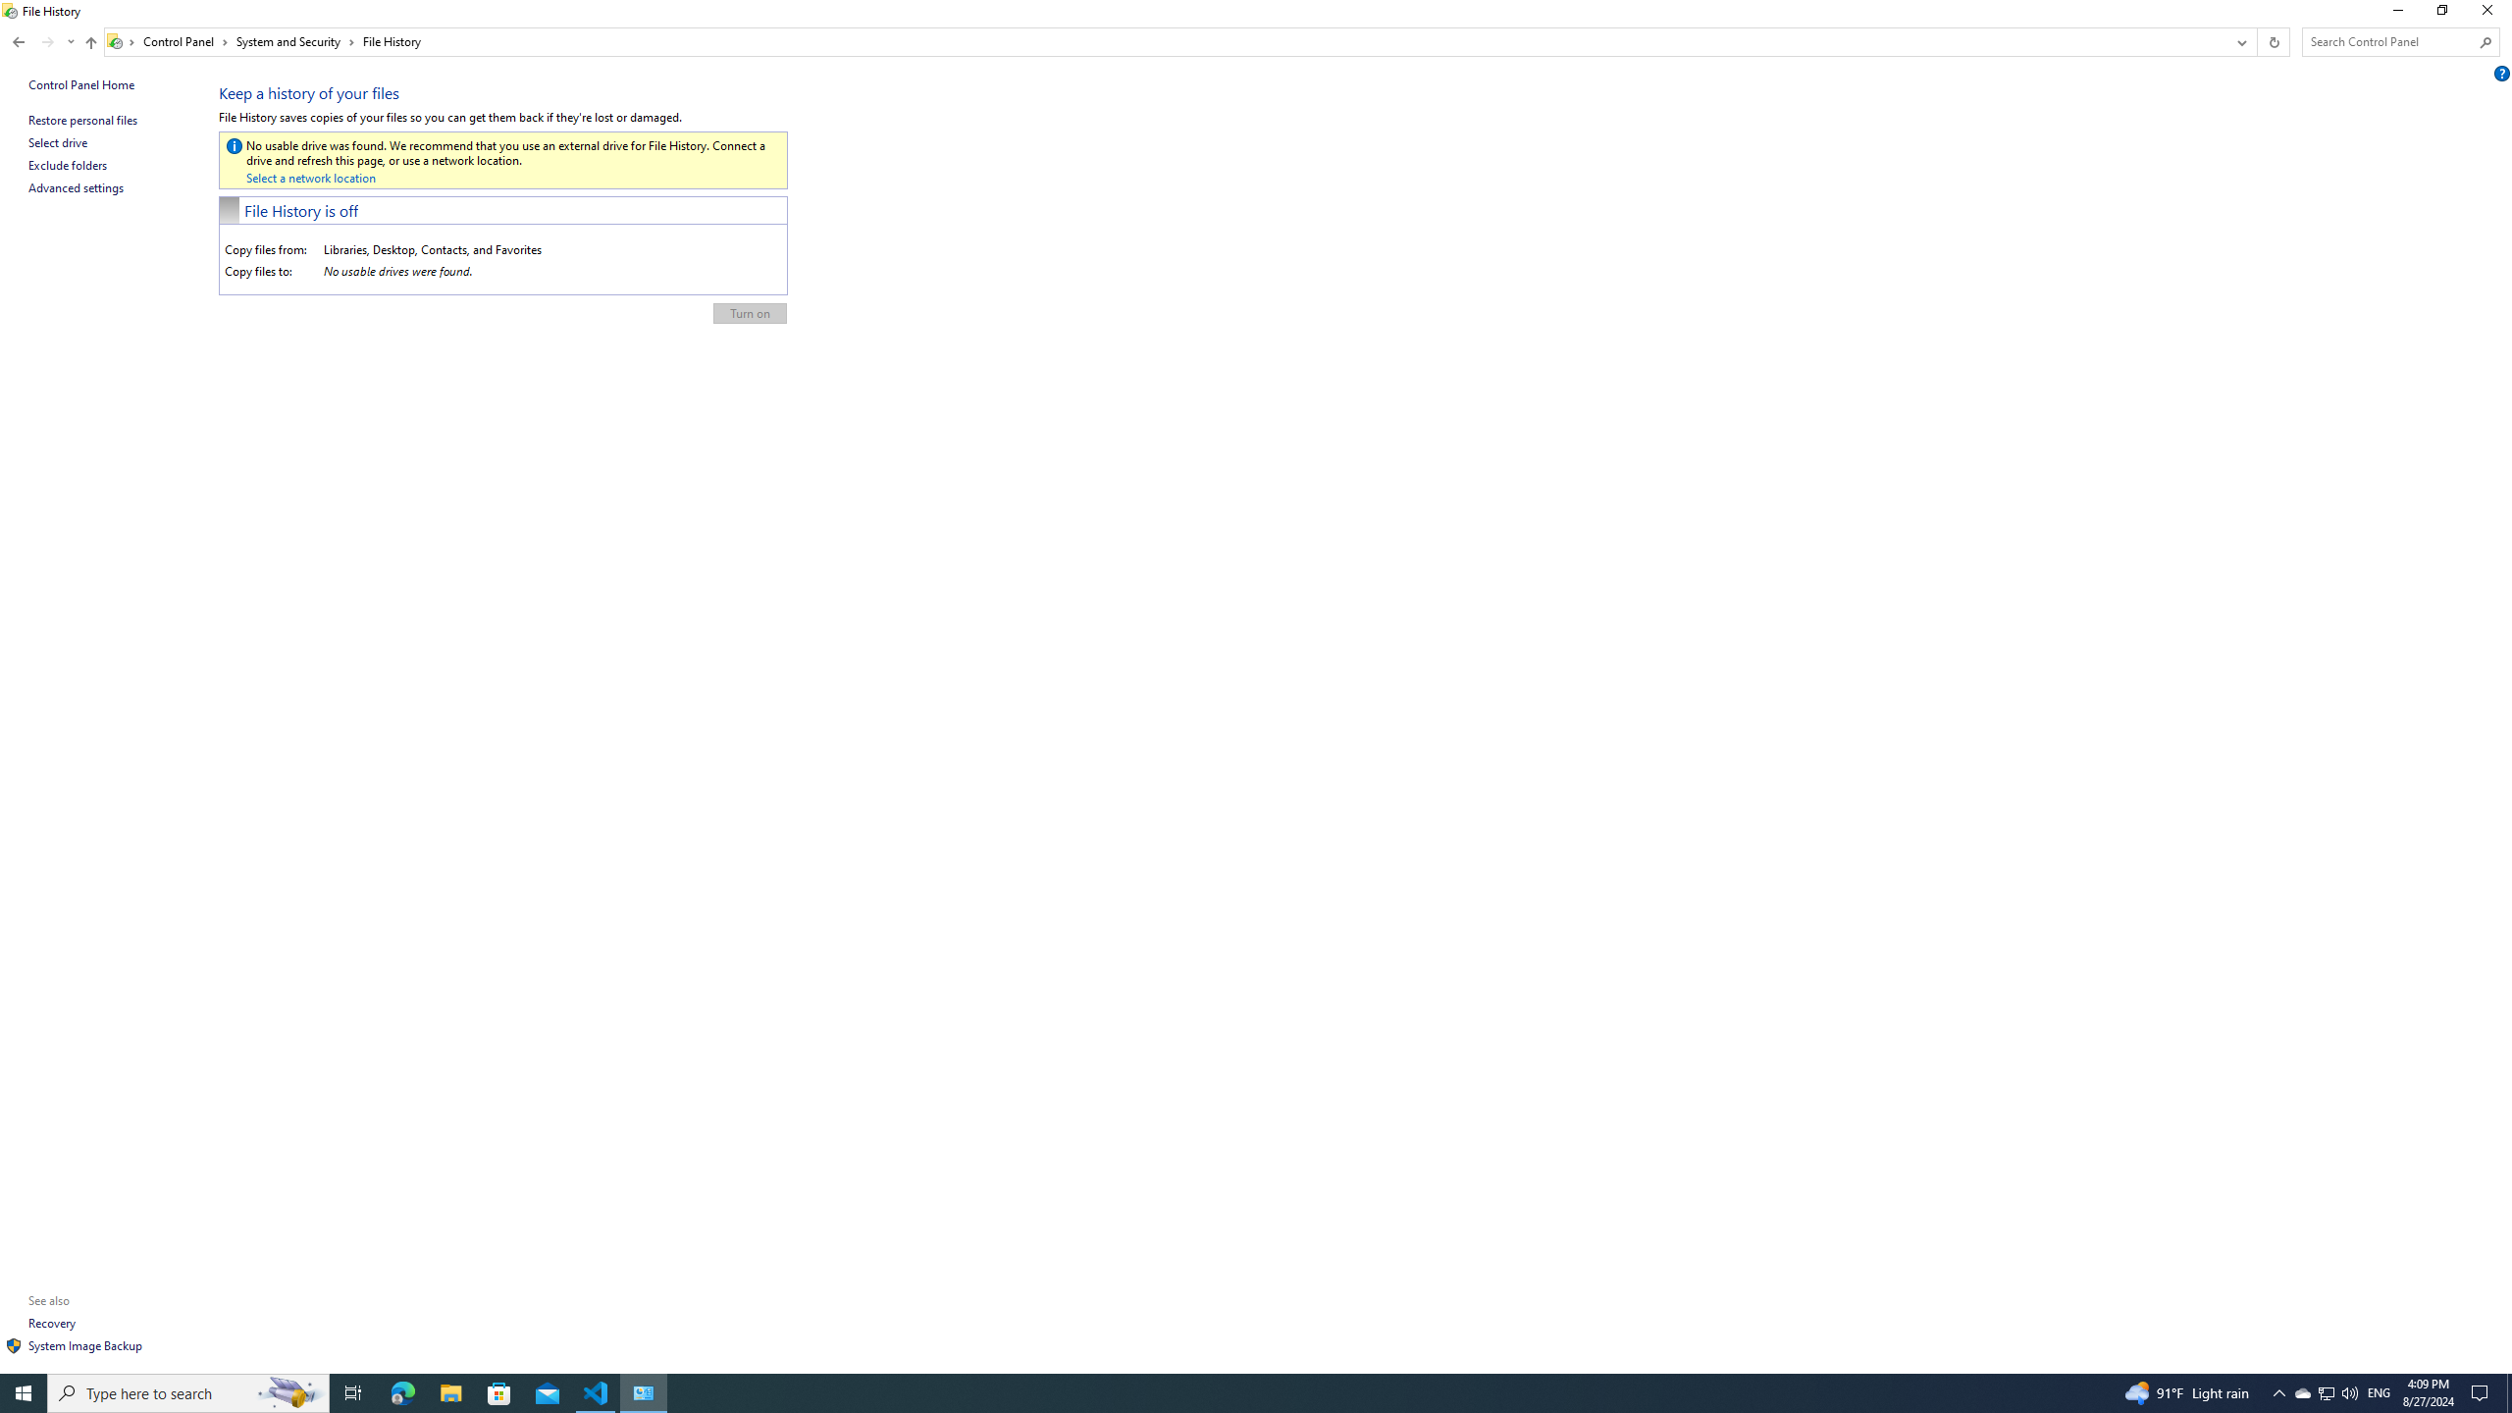 This screenshot has height=1413, width=2512. What do you see at coordinates (2239, 41) in the screenshot?
I see `'Previous Locations'` at bounding box center [2239, 41].